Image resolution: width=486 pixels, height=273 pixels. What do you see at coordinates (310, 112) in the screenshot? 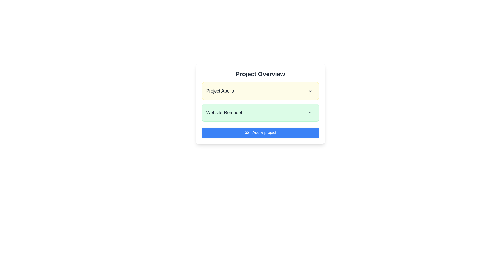
I see `the Icon Button located on the far right side of the row containing the 'Website Remodel' text` at bounding box center [310, 112].